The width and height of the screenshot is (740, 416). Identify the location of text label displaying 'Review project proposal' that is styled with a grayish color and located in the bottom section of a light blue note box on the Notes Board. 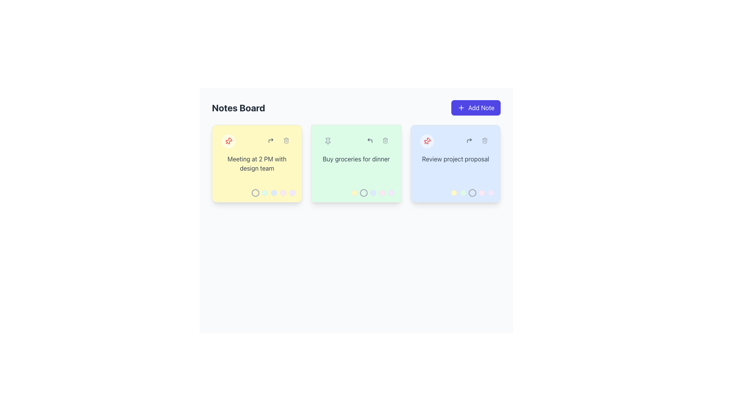
(456, 158).